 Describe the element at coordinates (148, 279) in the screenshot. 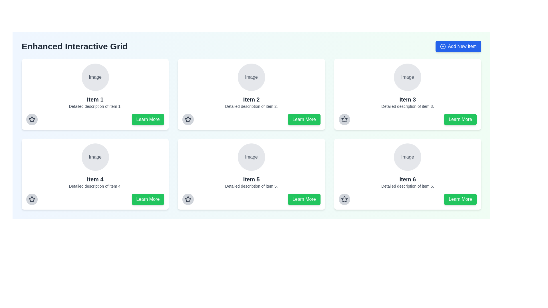

I see `the green button labeled 'Learn More' located at the bottom-right corner of the card associated with Item 5 in the grid` at that location.